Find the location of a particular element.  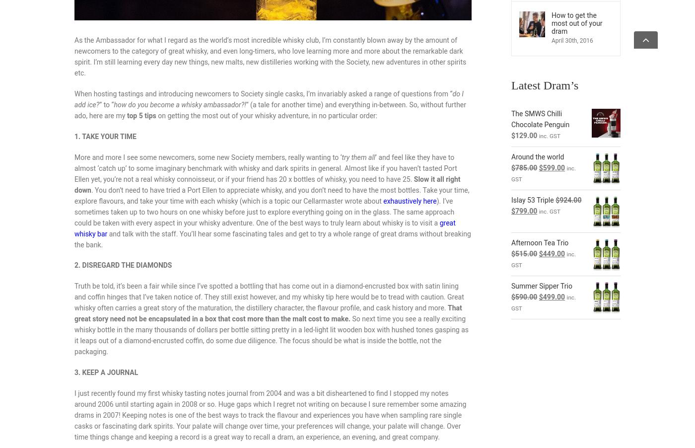

'499.00' is located at coordinates (554, 297).